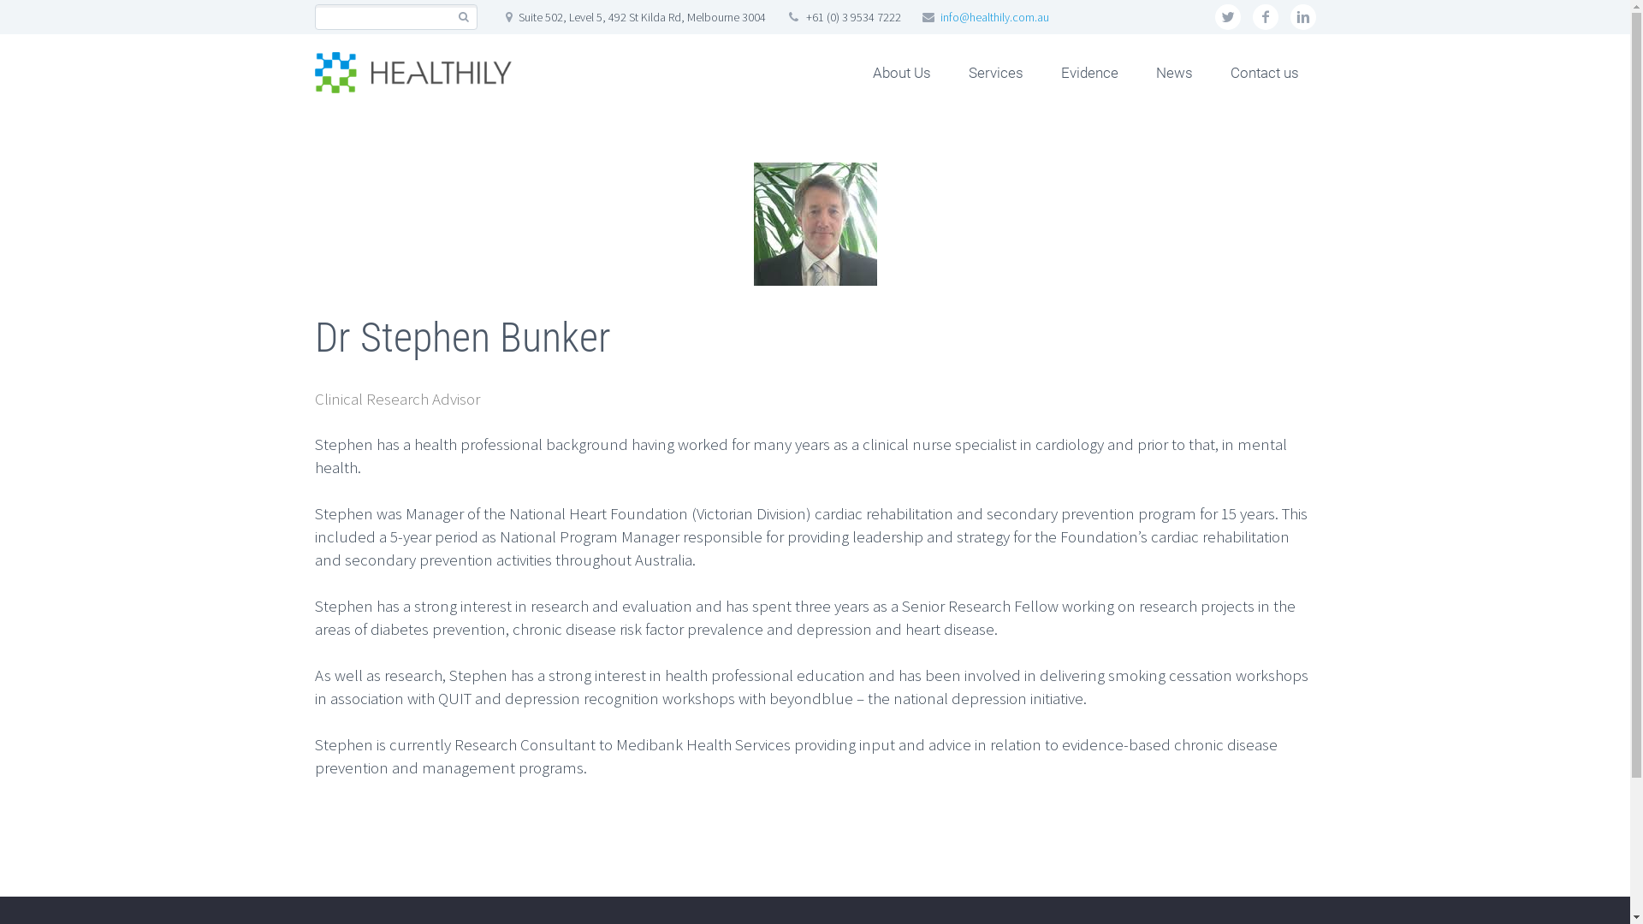 Image resolution: width=1643 pixels, height=924 pixels. What do you see at coordinates (464, 17) in the screenshot?
I see `'Search'` at bounding box center [464, 17].